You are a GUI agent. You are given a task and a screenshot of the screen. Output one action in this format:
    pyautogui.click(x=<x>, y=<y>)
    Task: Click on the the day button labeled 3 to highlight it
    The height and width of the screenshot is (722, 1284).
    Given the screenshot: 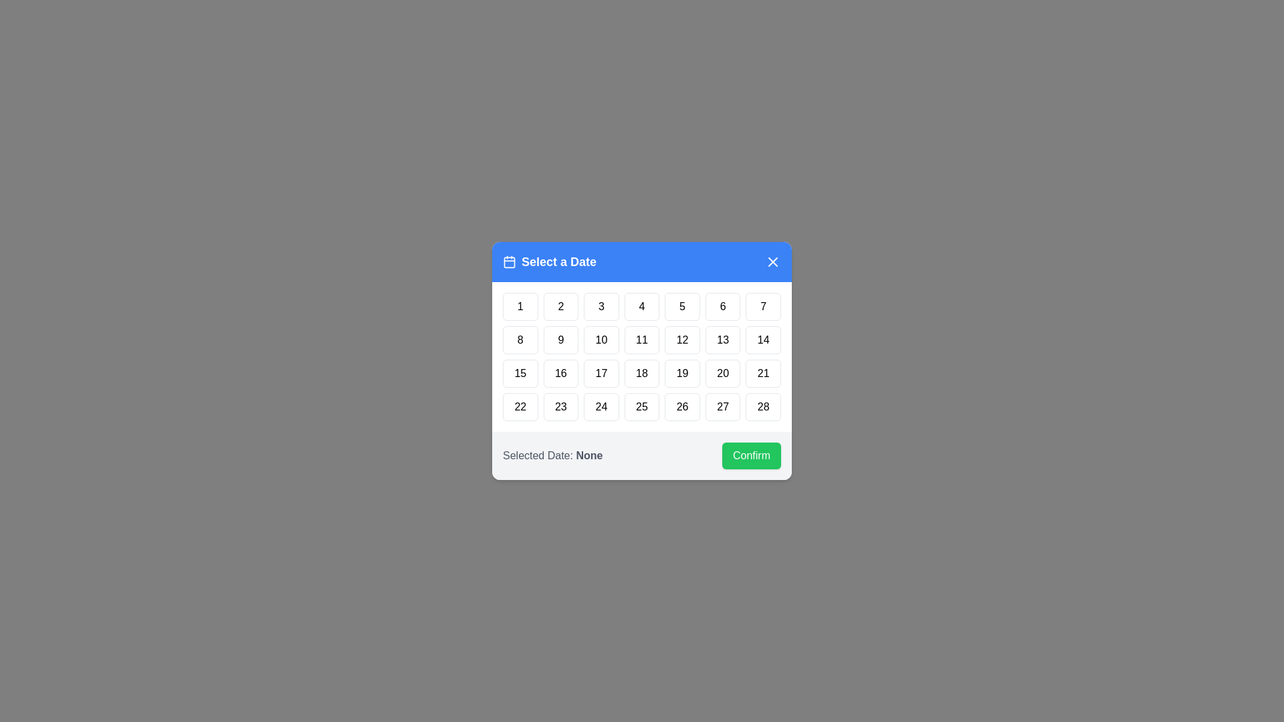 What is the action you would take?
    pyautogui.click(x=600, y=307)
    